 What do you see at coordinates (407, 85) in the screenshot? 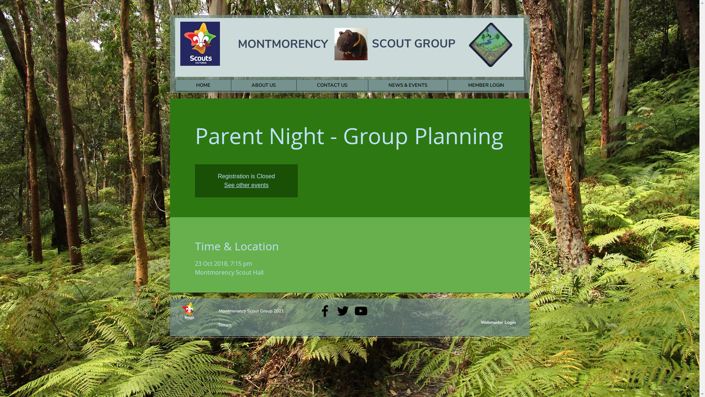
I see `'NEWS & EVENTS'` at bounding box center [407, 85].